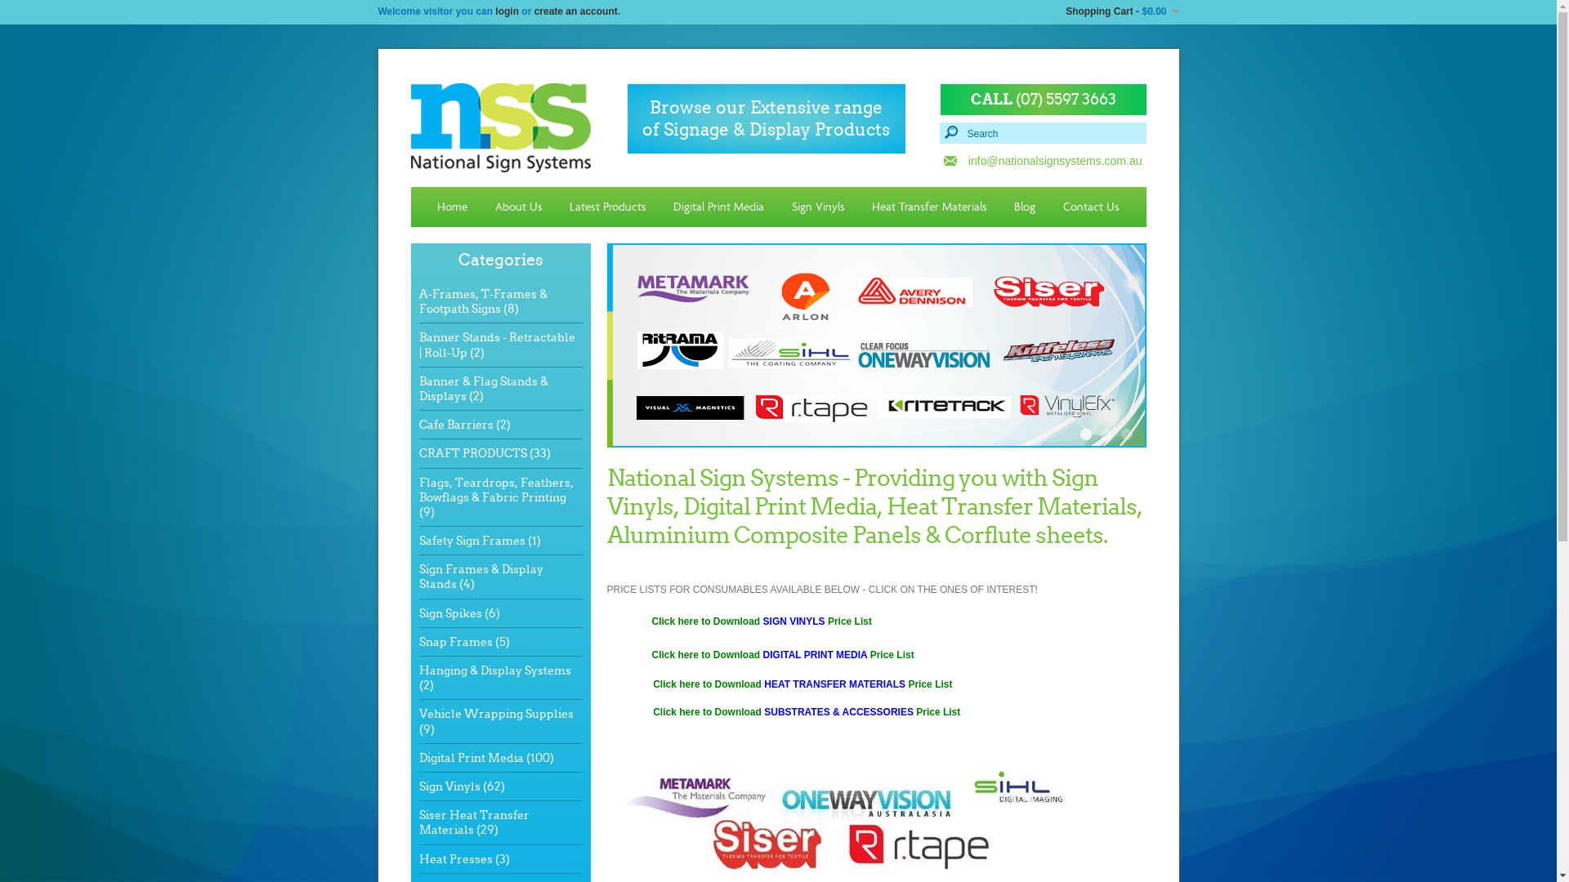 This screenshot has height=882, width=1569. What do you see at coordinates (481, 301) in the screenshot?
I see `'A-Frames, T-Frames & Footpath Signs (8)'` at bounding box center [481, 301].